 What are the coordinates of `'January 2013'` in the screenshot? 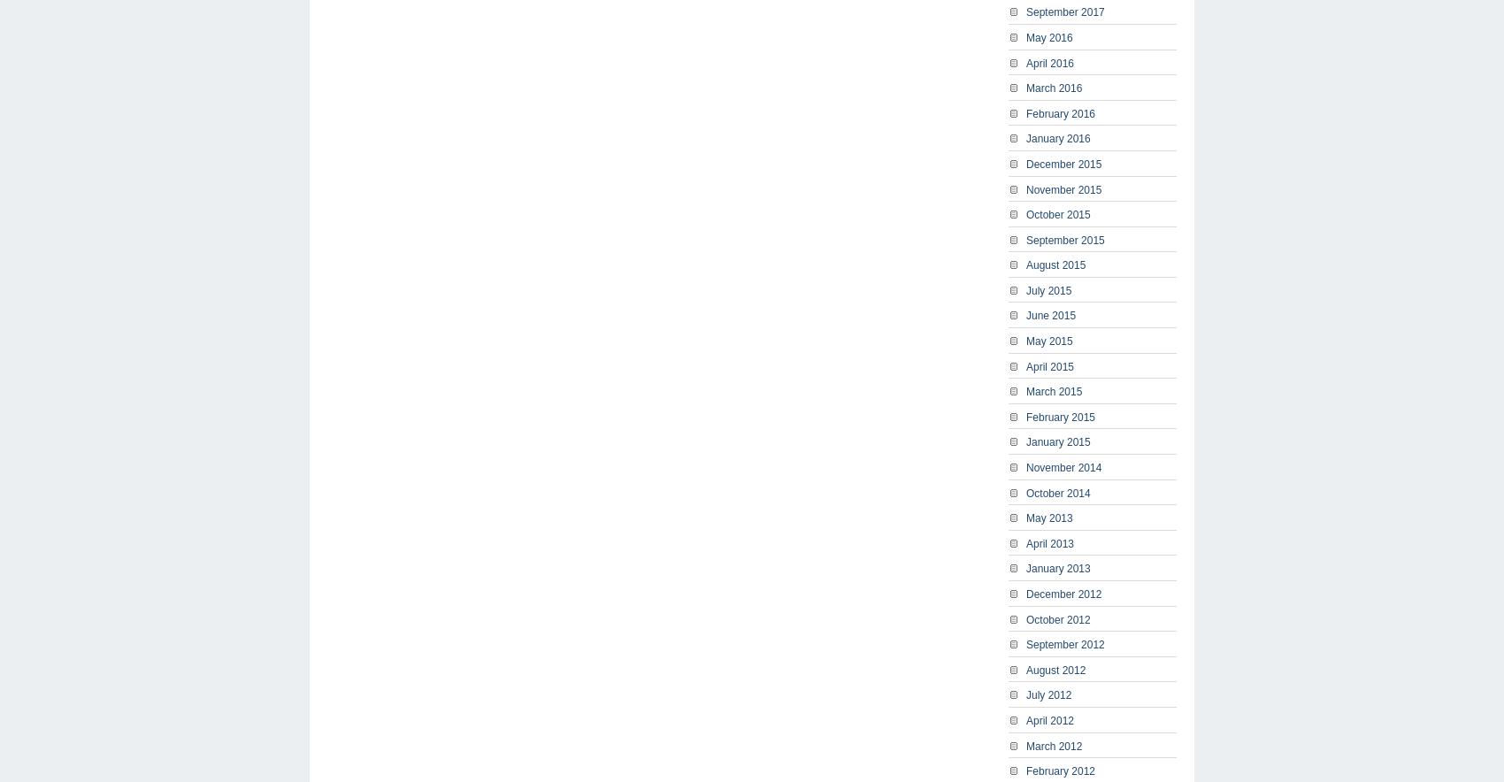 It's located at (1026, 568).